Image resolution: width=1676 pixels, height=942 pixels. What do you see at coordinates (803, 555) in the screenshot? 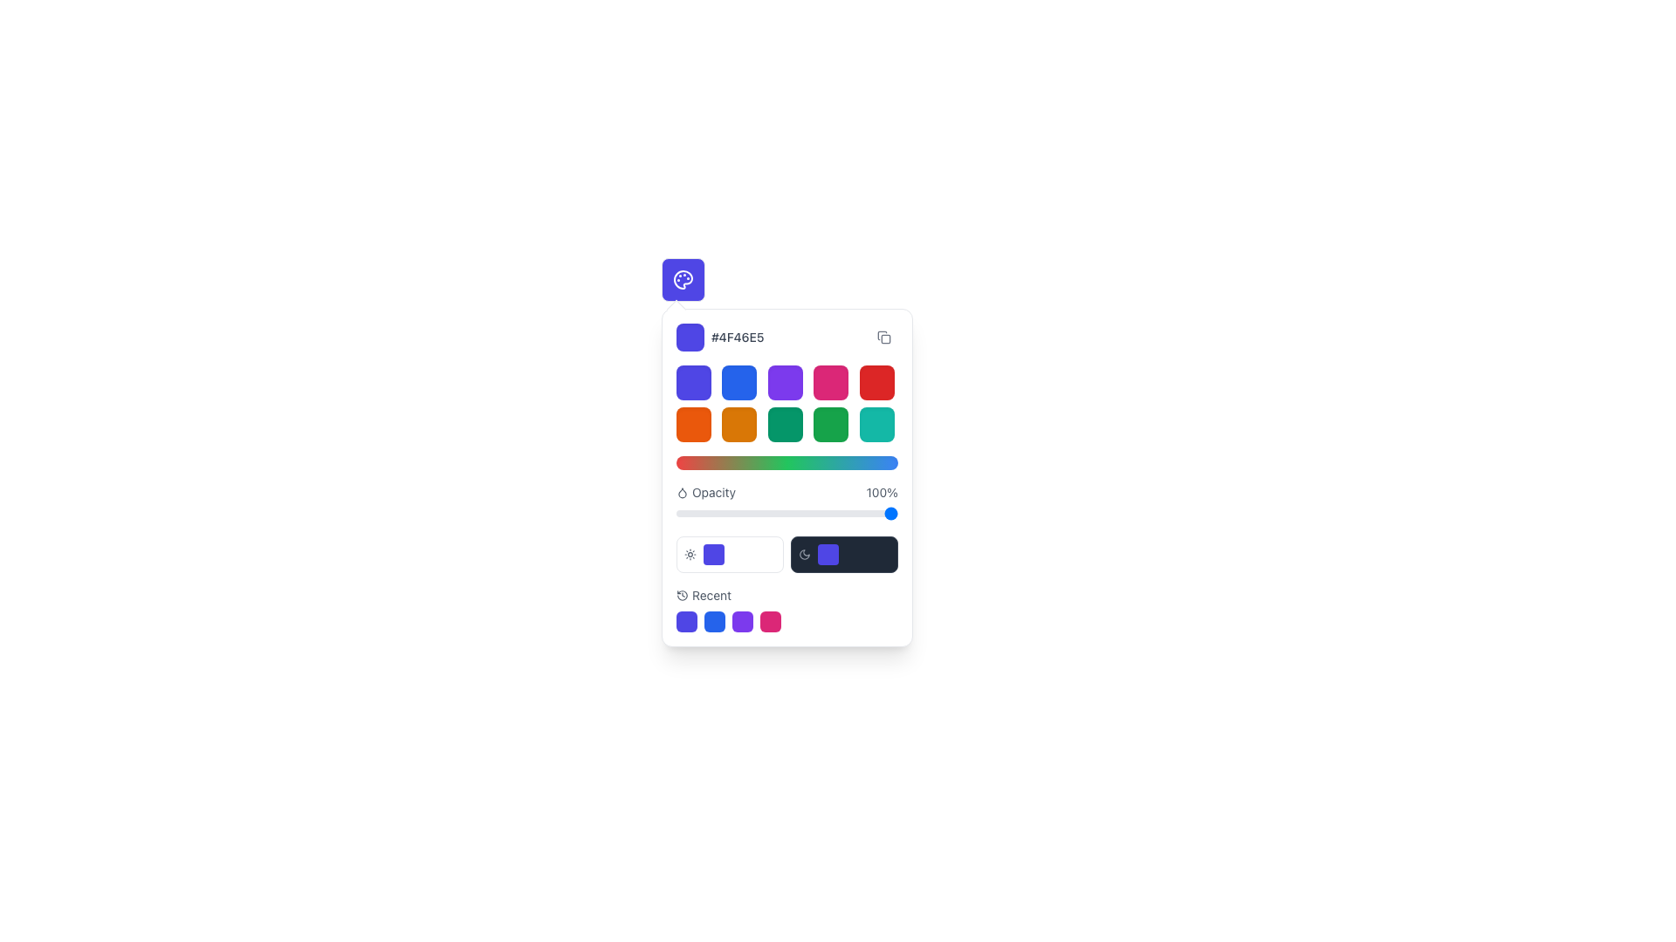
I see `the second icon in the compact settings panel near the bottom right corner` at bounding box center [803, 555].